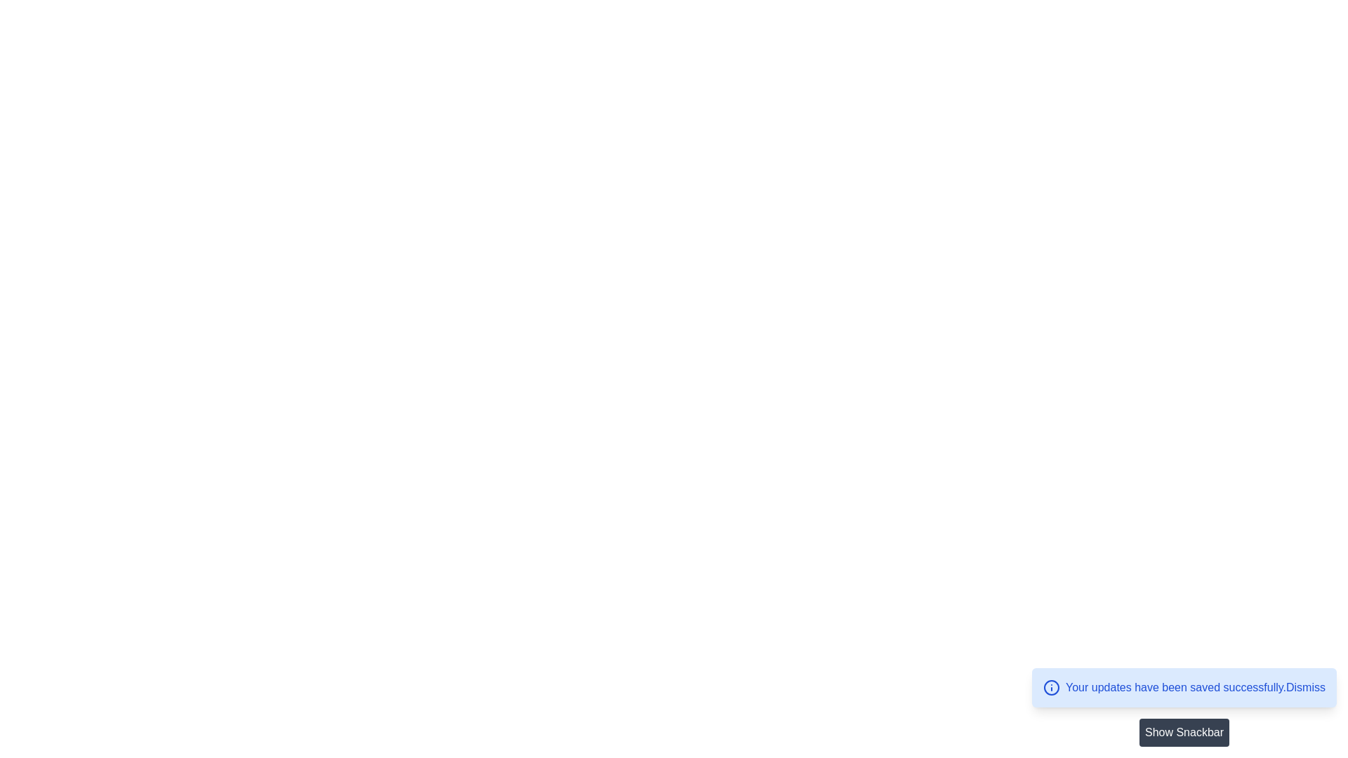 The height and width of the screenshot is (758, 1348). What do you see at coordinates (1305, 686) in the screenshot?
I see `the 'Dismiss' clickable text link styled in blue with an underline that appears on hover, located on the far-right side of the notification box` at bounding box center [1305, 686].